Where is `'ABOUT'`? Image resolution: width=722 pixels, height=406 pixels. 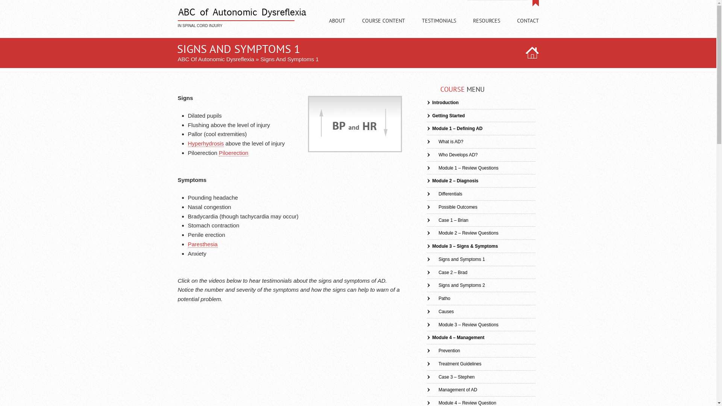 'ABOUT' is located at coordinates (336, 27).